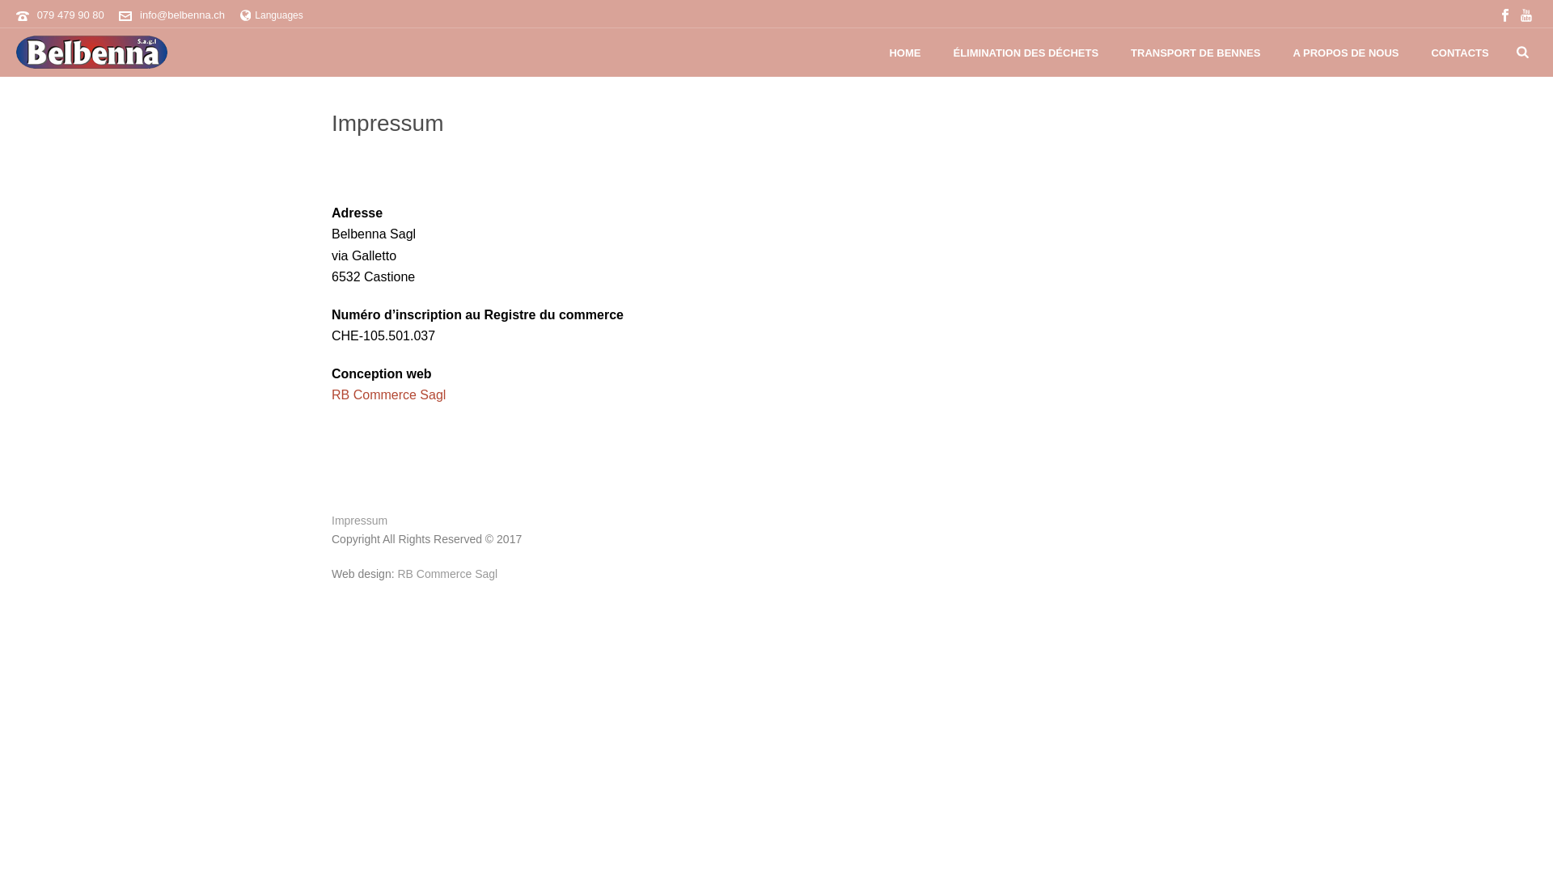 Image resolution: width=1553 pixels, height=873 pixels. Describe the element at coordinates (903, 52) in the screenshot. I see `'HOME'` at that location.